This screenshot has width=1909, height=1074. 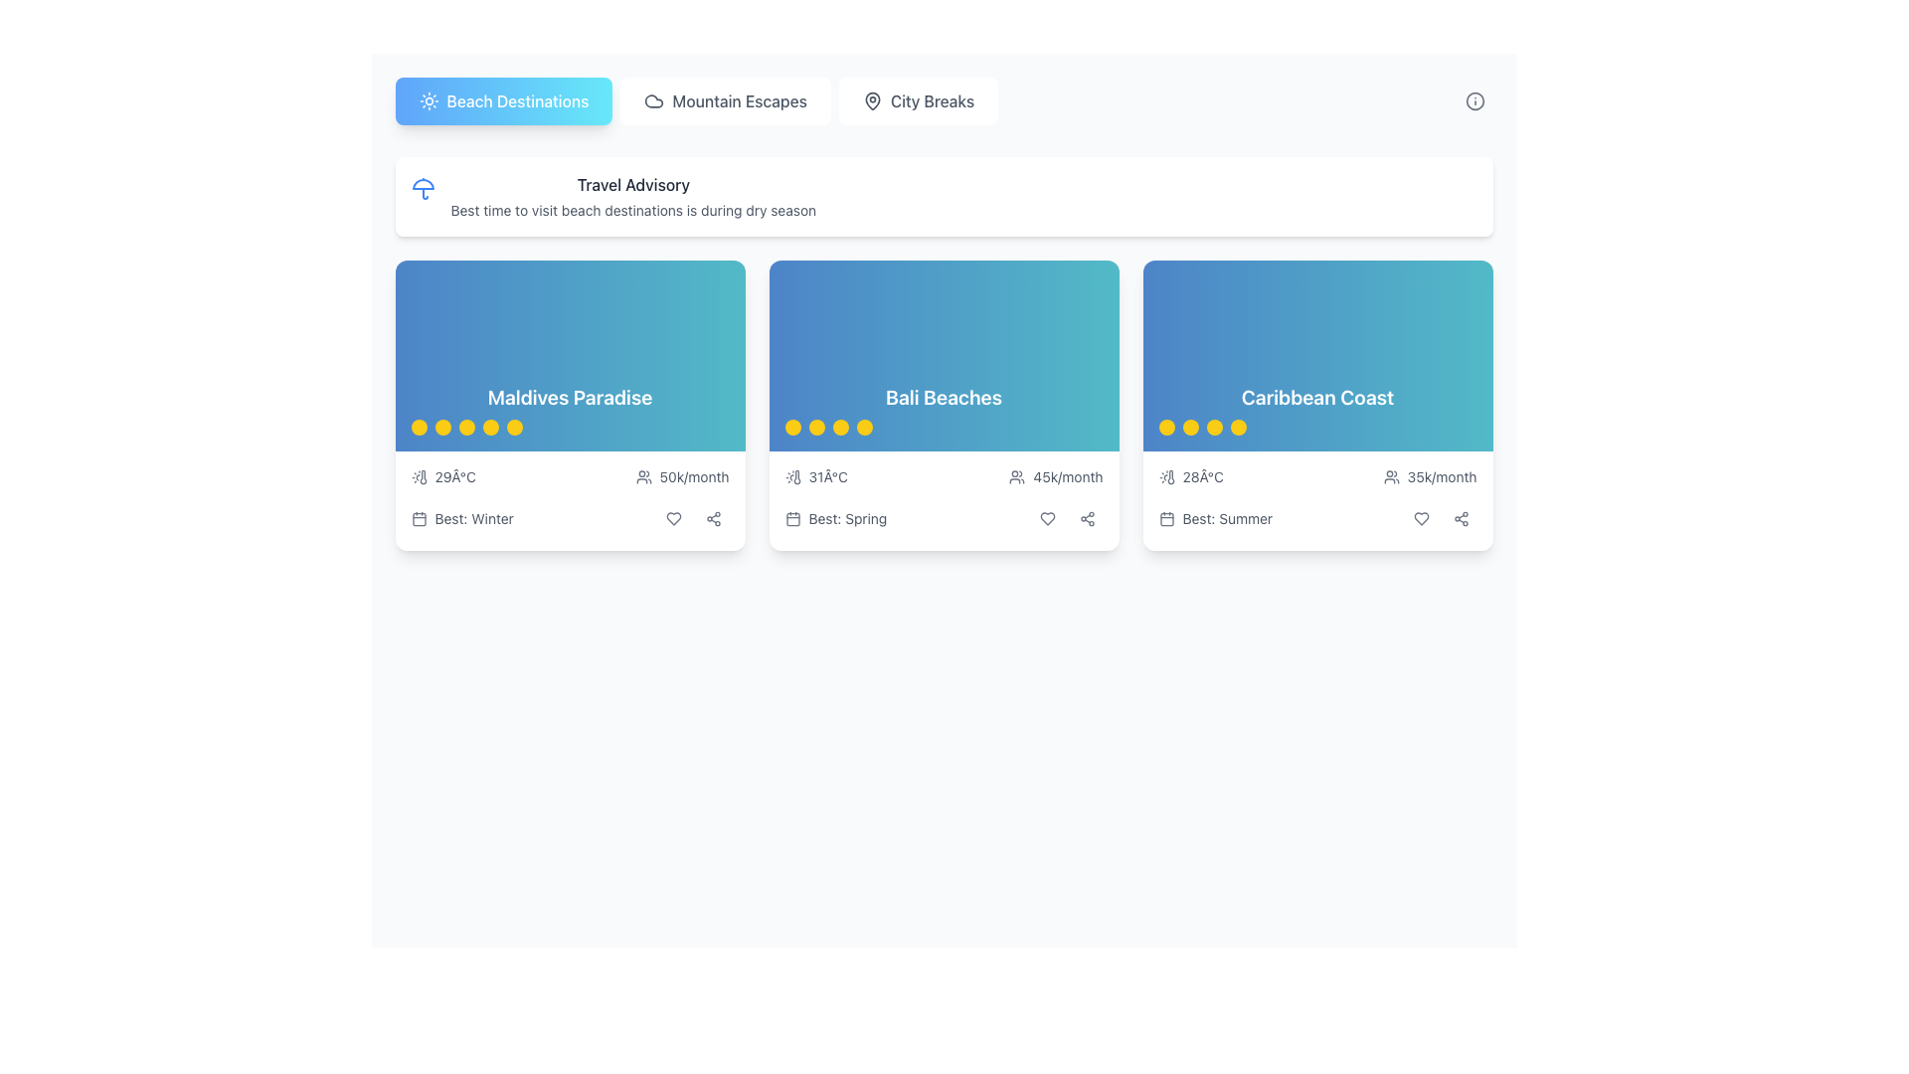 I want to click on the rightmost card in the 'Beach Destinations' section that represents the 'Caribbean Coast', which is adjacent to the 'Bali Beaches' card, so click(x=1317, y=355).